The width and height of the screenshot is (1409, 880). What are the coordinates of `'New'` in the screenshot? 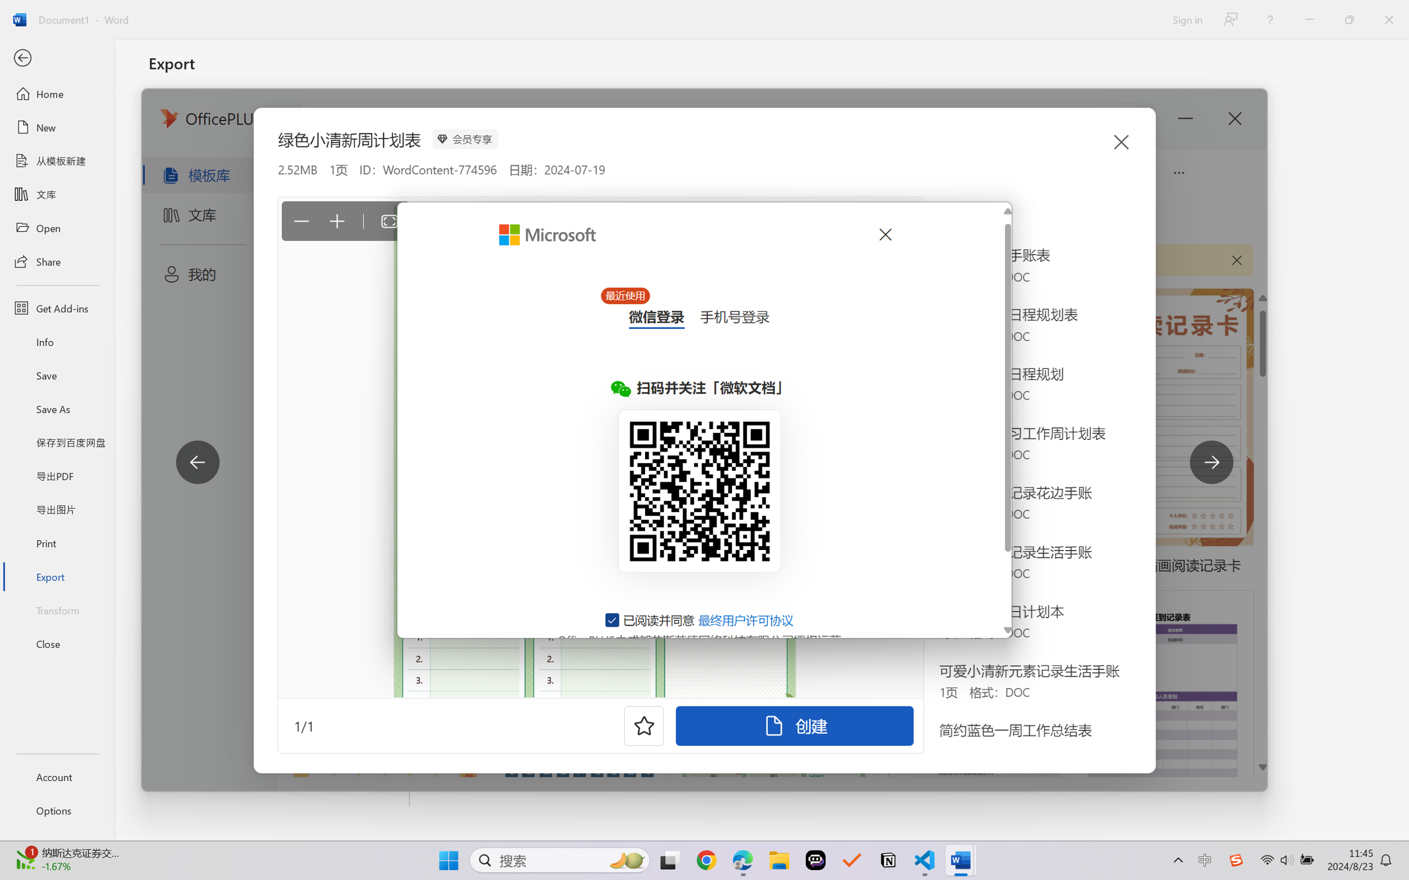 It's located at (56, 126).